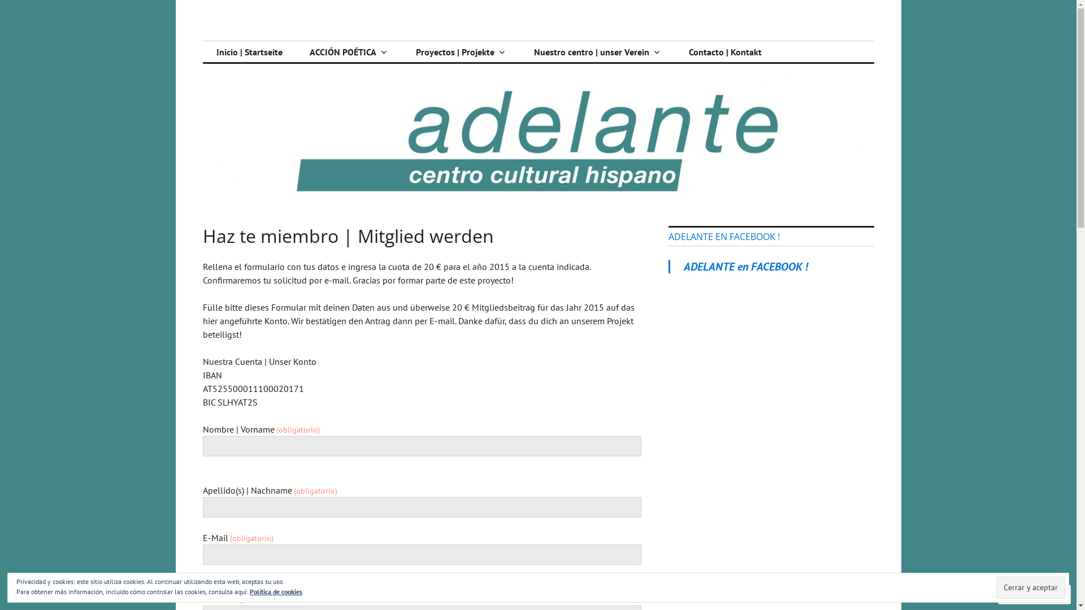  Describe the element at coordinates (683, 266) in the screenshot. I see `'ADELANTE en FACEBOOK !'` at that location.